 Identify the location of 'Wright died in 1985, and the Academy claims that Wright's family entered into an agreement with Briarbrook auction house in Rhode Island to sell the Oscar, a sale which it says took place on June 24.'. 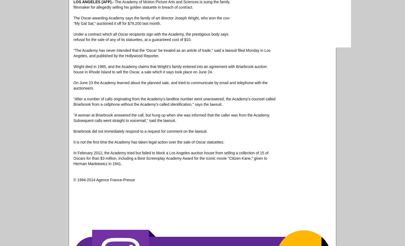
(170, 69).